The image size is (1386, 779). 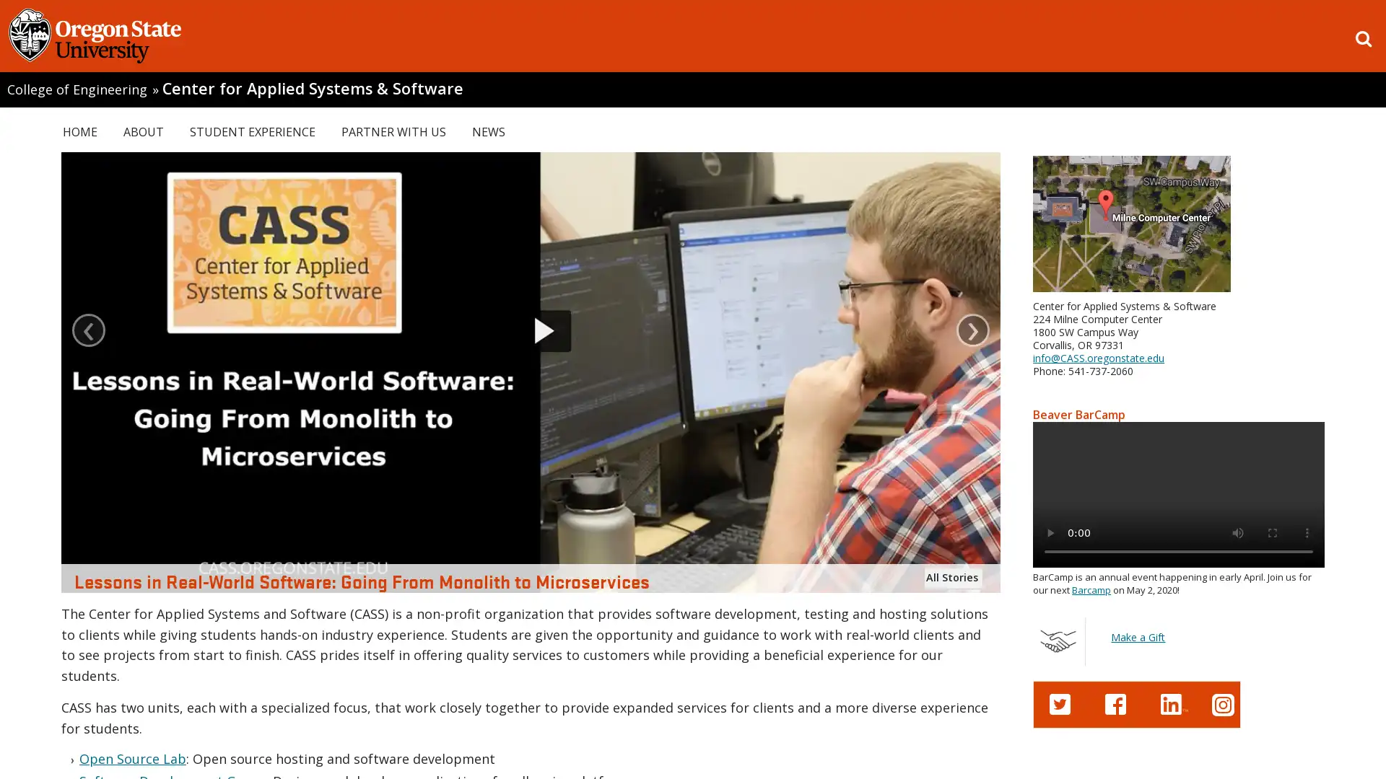 I want to click on enter full screen, so click(x=1271, y=532).